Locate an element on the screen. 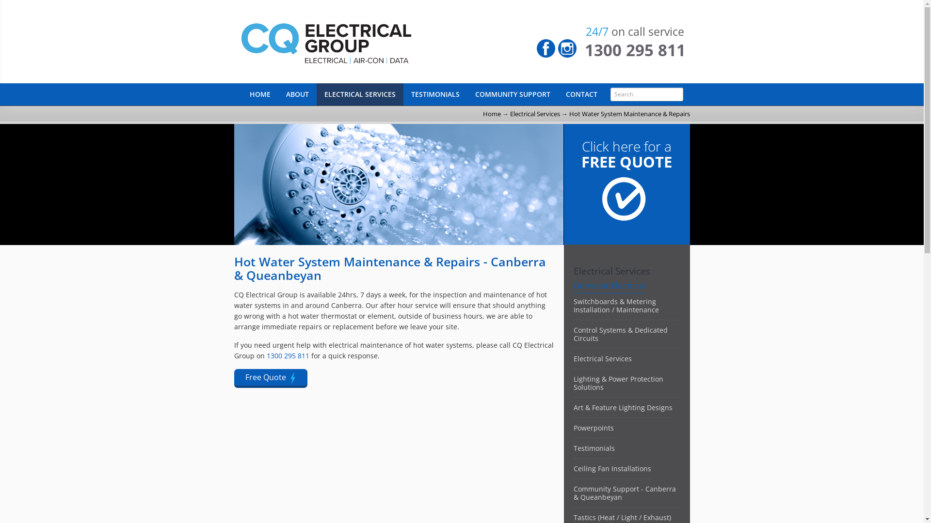 The image size is (931, 523). 'Art & Feature Lighting Designs' is located at coordinates (622, 407).